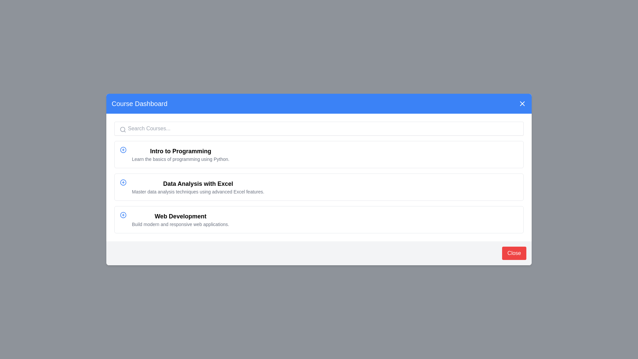  What do you see at coordinates (198, 183) in the screenshot?
I see `the header text label for the second course entry in the list, which serves as a title for the course offering` at bounding box center [198, 183].